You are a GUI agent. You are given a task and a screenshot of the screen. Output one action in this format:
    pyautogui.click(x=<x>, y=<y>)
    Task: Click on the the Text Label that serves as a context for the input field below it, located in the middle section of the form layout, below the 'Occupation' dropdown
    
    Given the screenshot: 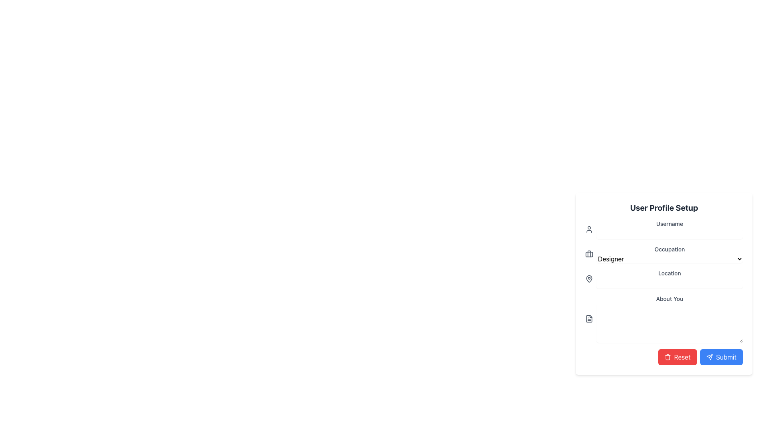 What is the action you would take?
    pyautogui.click(x=669, y=273)
    